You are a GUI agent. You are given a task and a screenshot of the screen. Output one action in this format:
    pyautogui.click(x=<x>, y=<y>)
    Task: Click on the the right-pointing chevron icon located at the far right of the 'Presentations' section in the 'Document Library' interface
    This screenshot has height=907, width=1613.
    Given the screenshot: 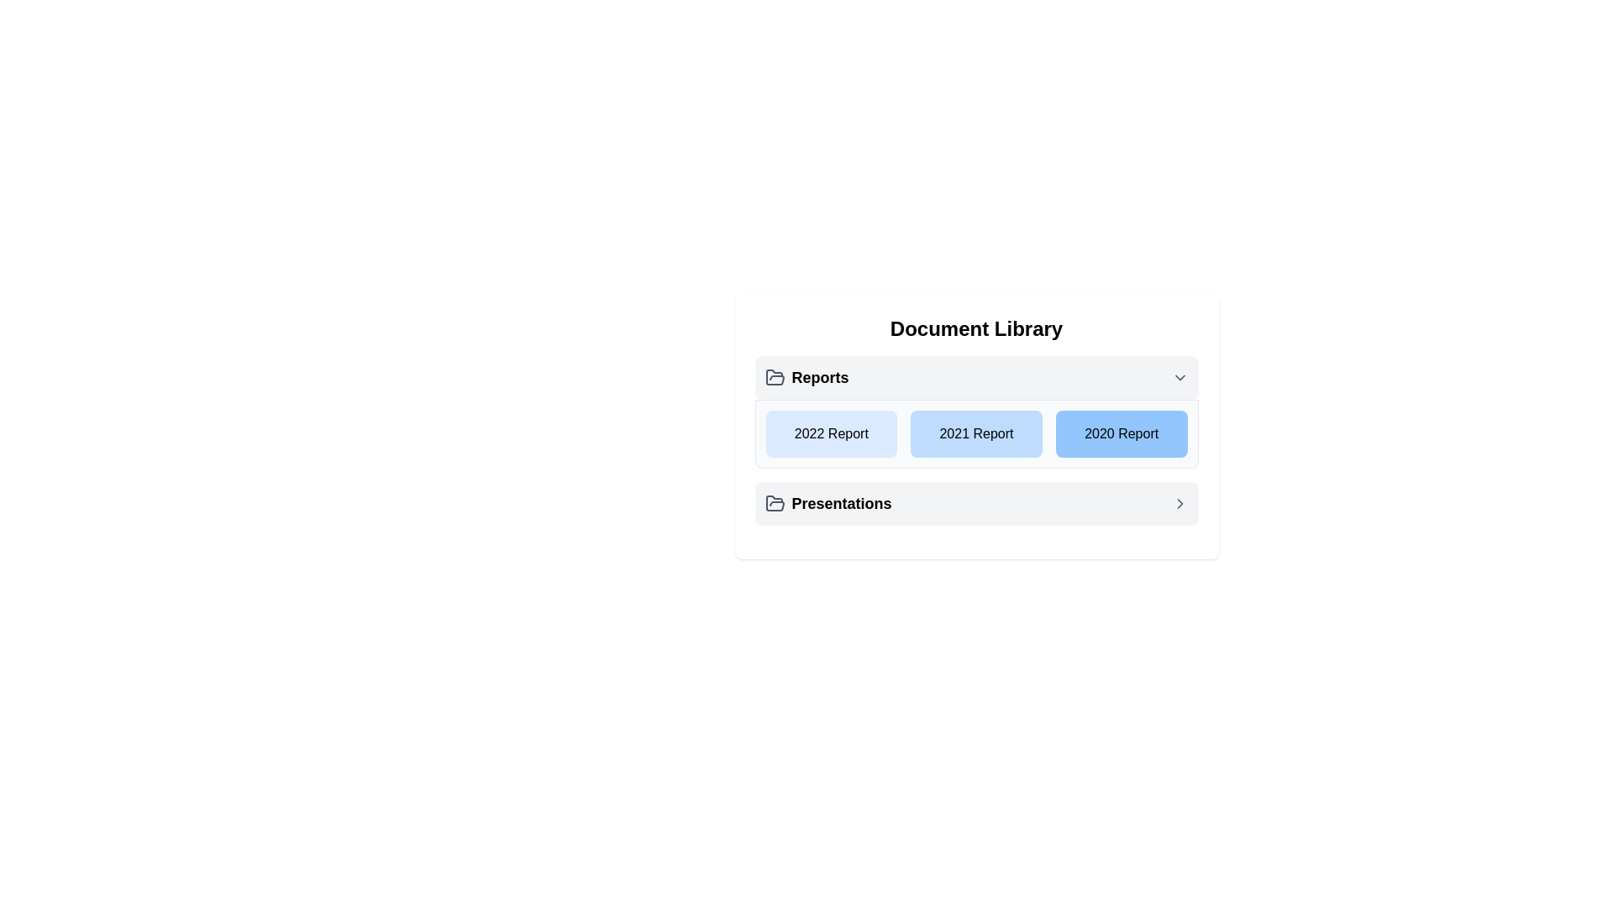 What is the action you would take?
    pyautogui.click(x=1179, y=503)
    